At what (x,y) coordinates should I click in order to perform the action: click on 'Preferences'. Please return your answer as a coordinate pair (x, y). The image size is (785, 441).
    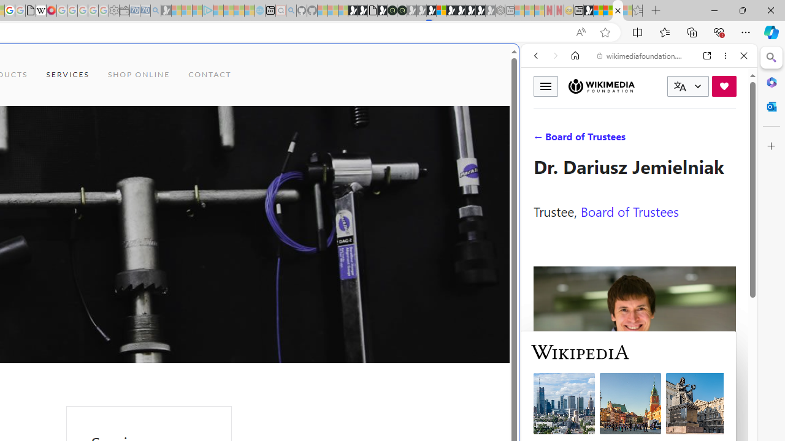
    Looking at the image, I should click on (729, 139).